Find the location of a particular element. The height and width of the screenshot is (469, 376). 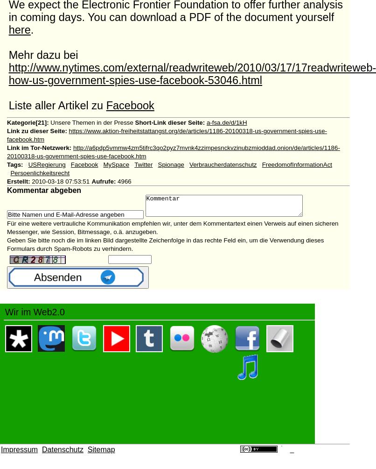

'.' is located at coordinates (31, 29).